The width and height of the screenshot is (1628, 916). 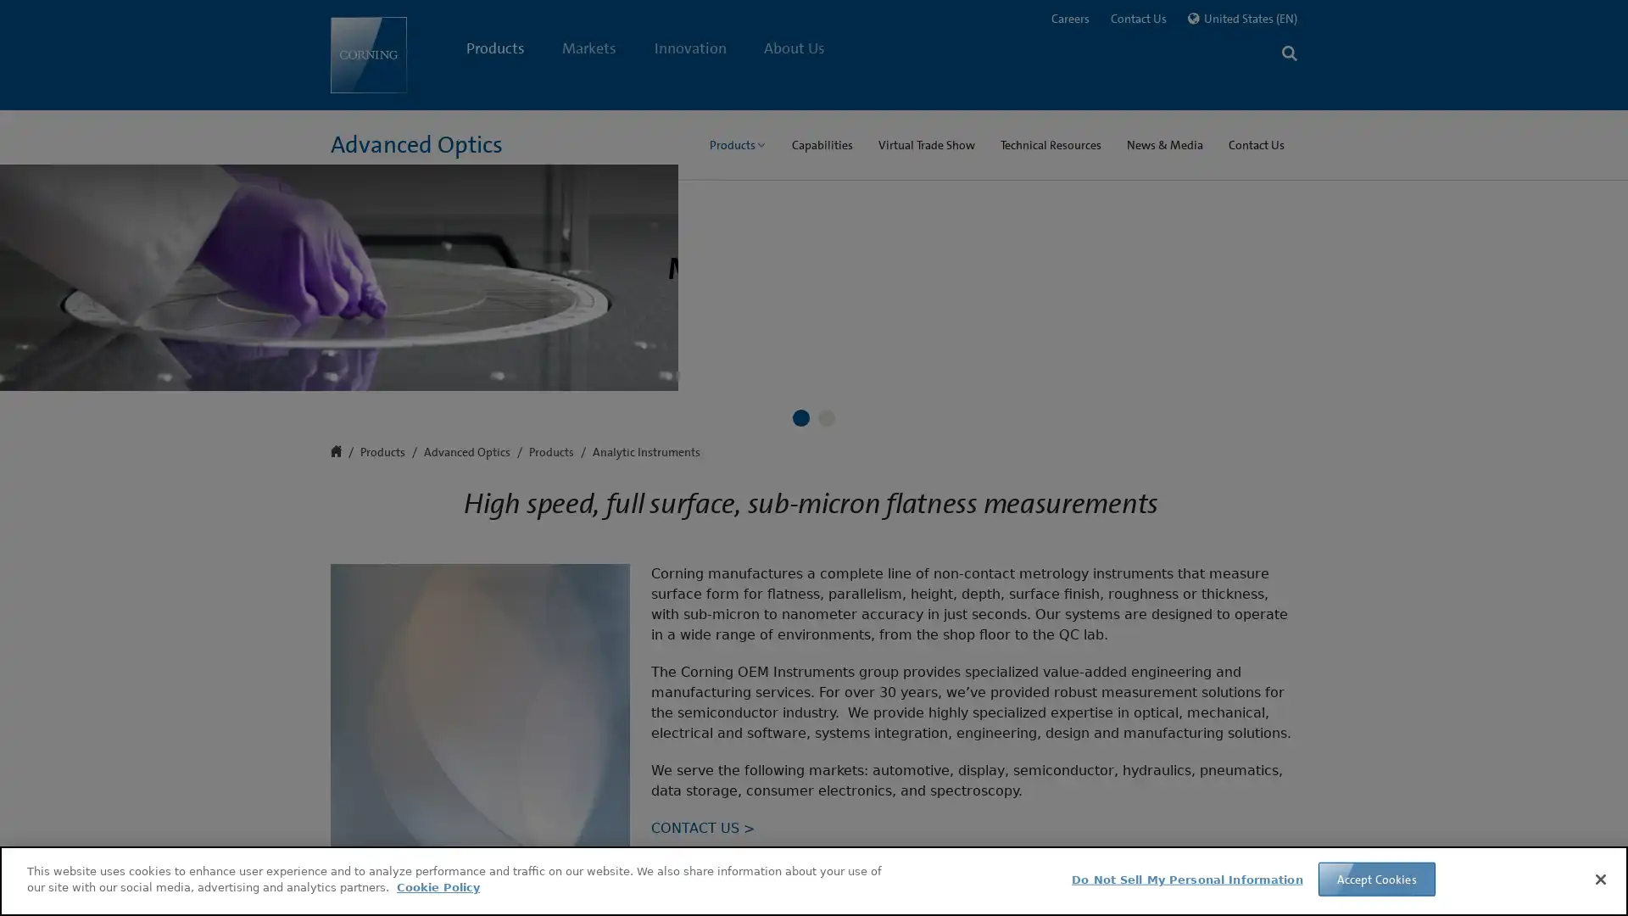 What do you see at coordinates (826, 747) in the screenshot?
I see `2` at bounding box center [826, 747].